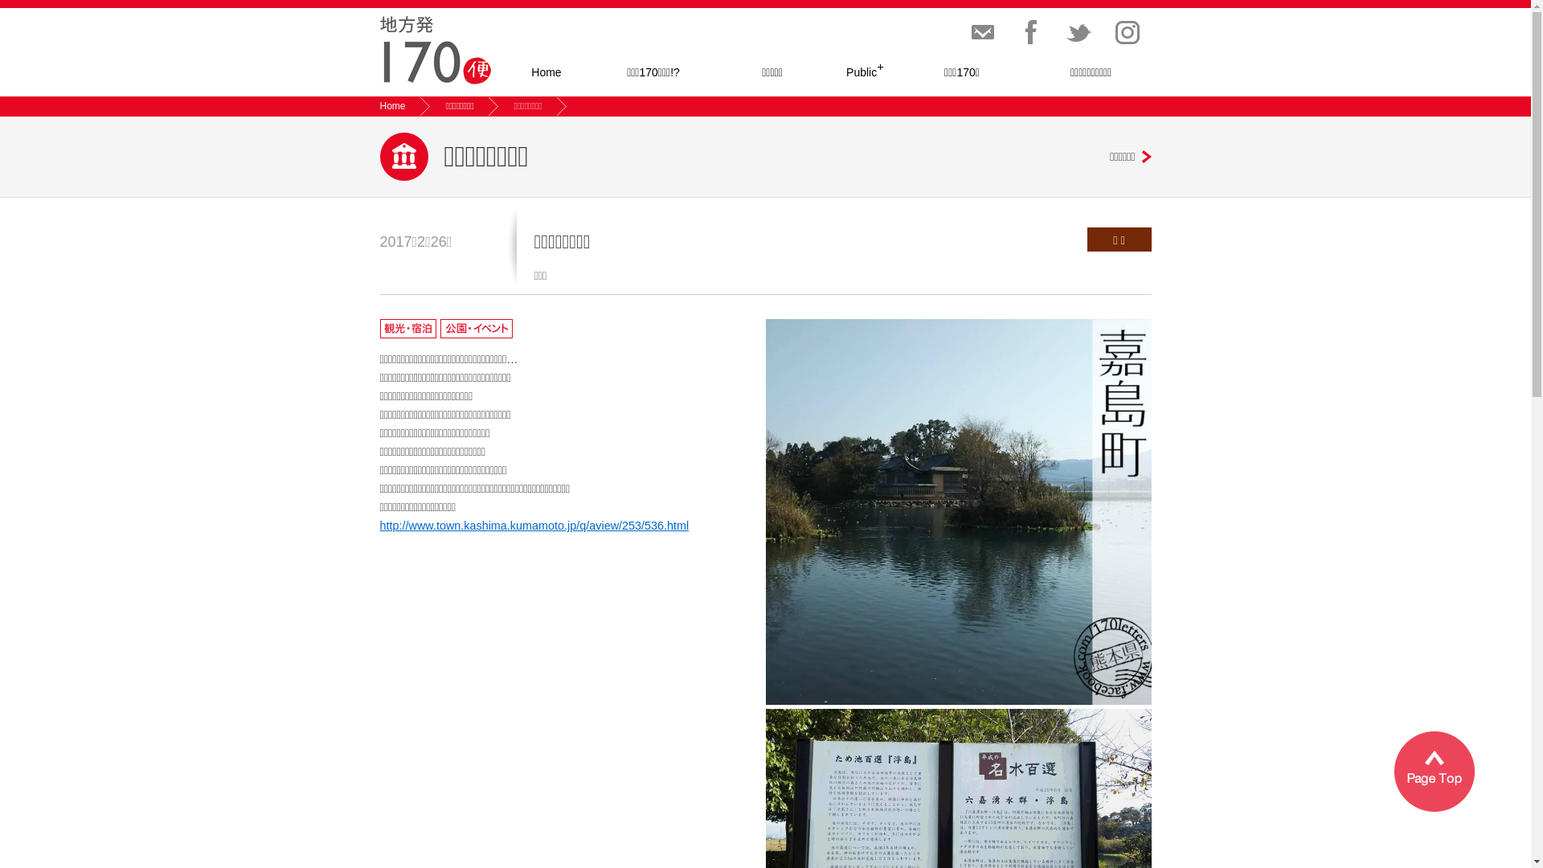 The height and width of the screenshot is (868, 1543). What do you see at coordinates (864, 71) in the screenshot?
I see `'Public+'` at bounding box center [864, 71].